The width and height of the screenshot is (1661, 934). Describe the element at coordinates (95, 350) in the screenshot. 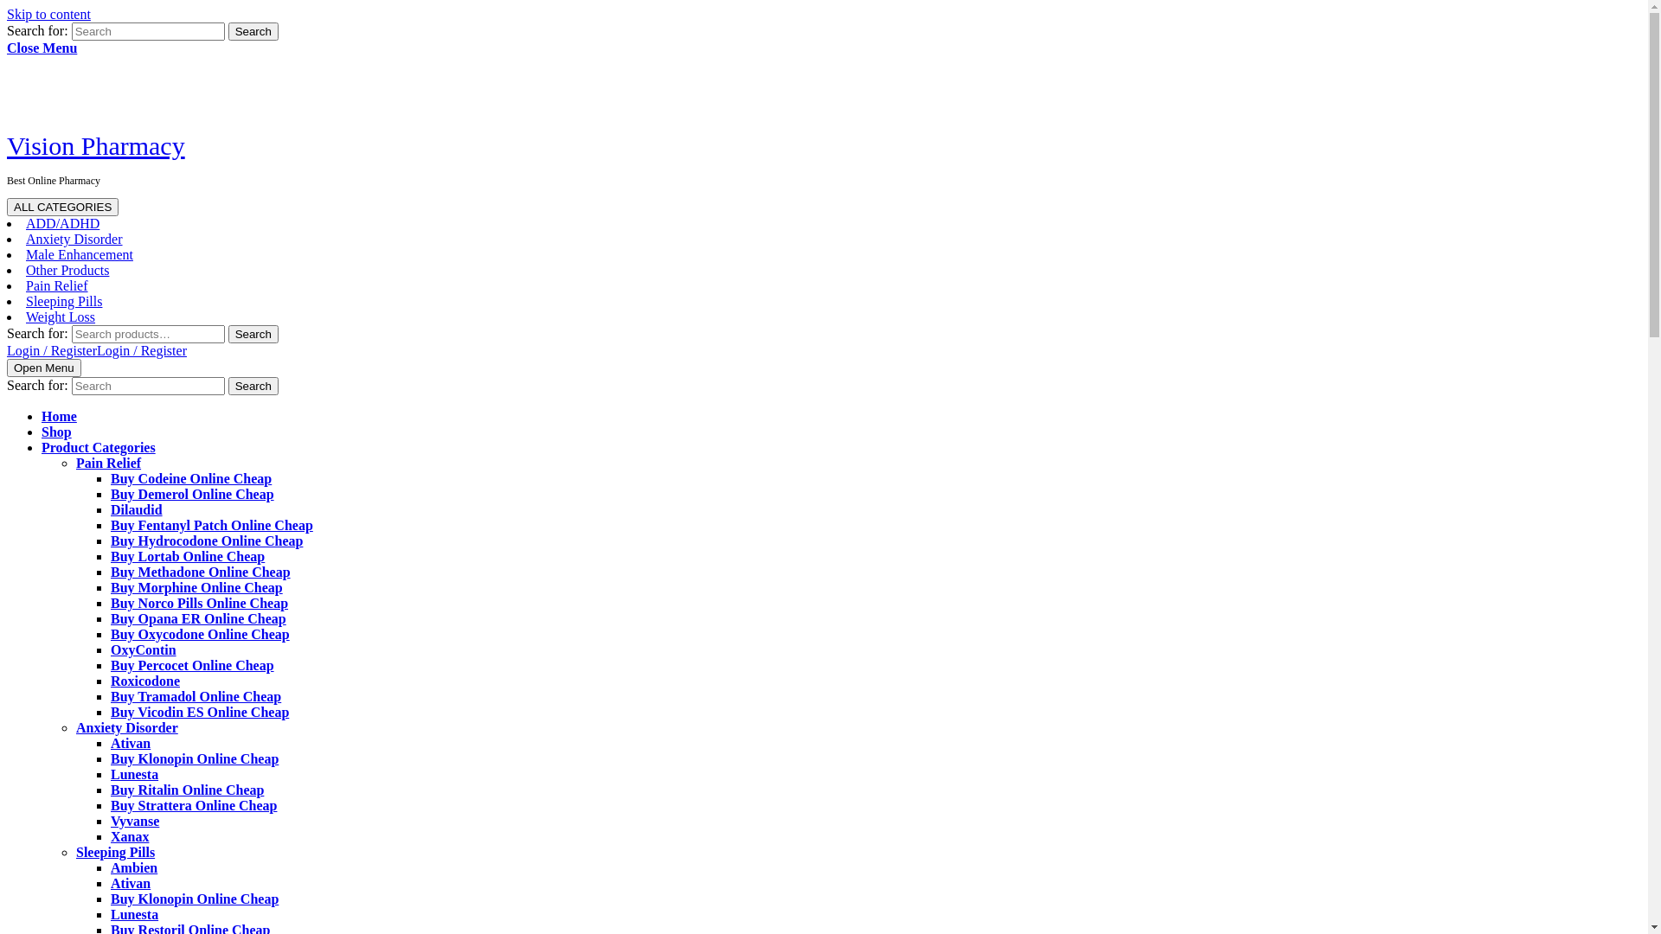

I see `'Login / RegisterLogin / Register'` at that location.